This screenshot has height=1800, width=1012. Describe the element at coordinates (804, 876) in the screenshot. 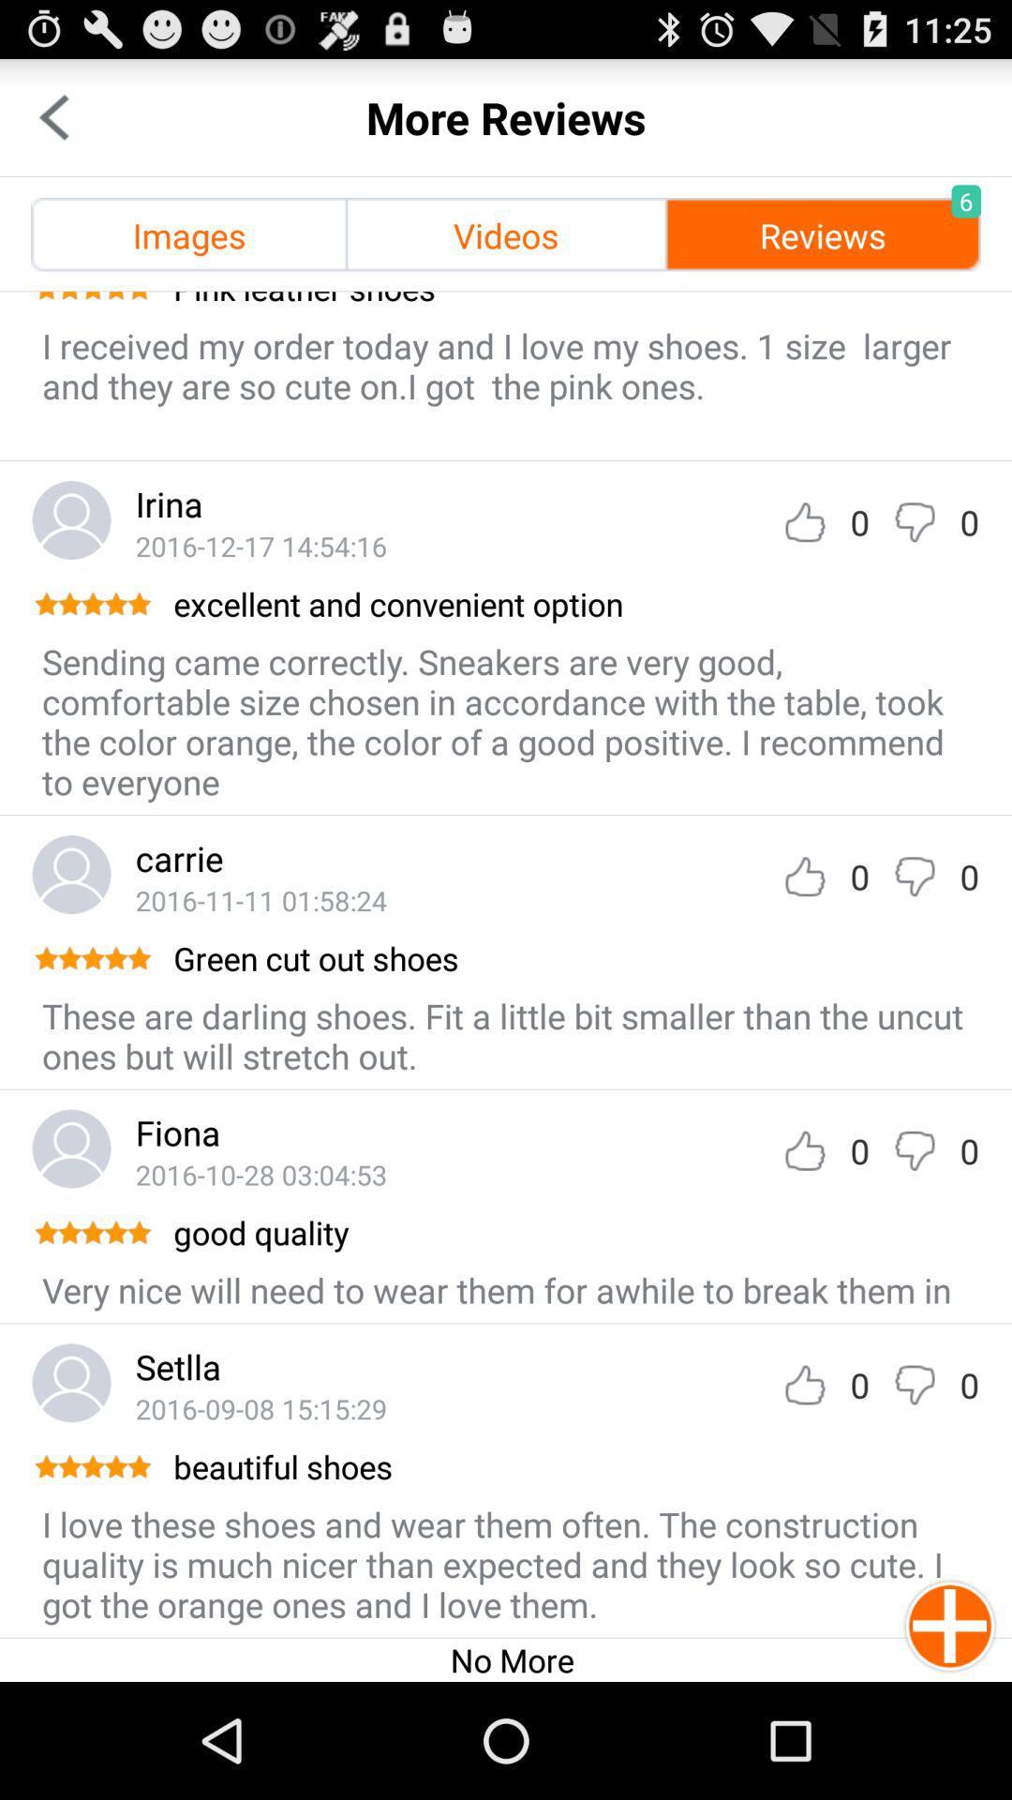

I see `like` at that location.